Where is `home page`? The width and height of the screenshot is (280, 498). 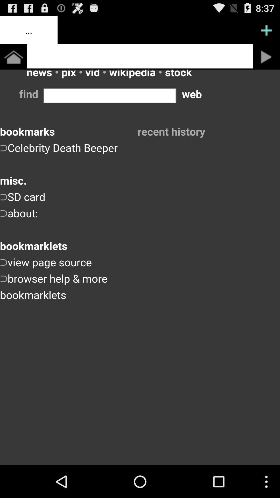
home page is located at coordinates (13, 57).